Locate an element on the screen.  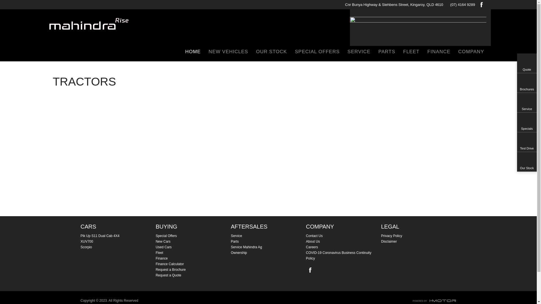
'SERVICE' is located at coordinates (358, 52).